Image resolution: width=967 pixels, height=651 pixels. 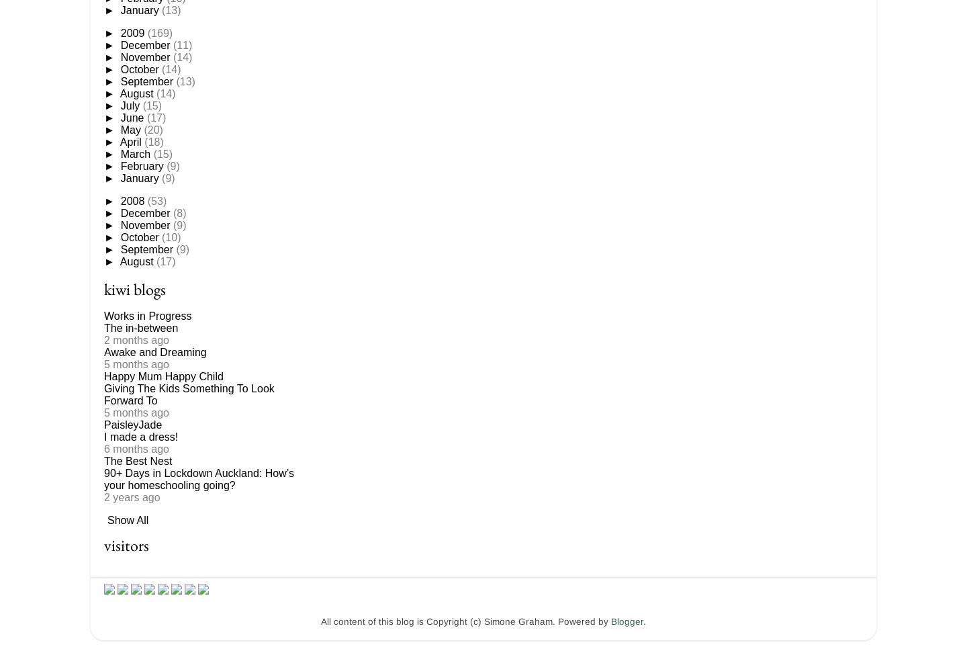 I want to click on 'PaisleyJade', so click(x=133, y=425).